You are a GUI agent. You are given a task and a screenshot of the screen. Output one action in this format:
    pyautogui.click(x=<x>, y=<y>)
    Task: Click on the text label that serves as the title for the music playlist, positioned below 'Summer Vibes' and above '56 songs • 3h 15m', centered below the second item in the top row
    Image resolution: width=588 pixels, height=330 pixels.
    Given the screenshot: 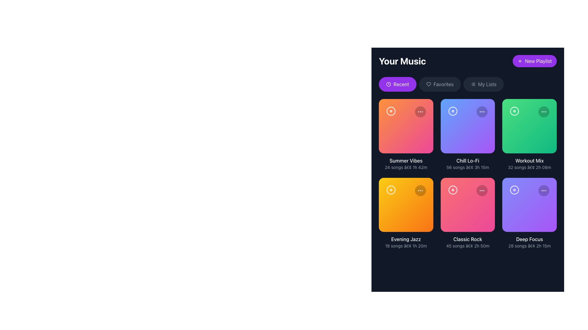 What is the action you would take?
    pyautogui.click(x=467, y=160)
    